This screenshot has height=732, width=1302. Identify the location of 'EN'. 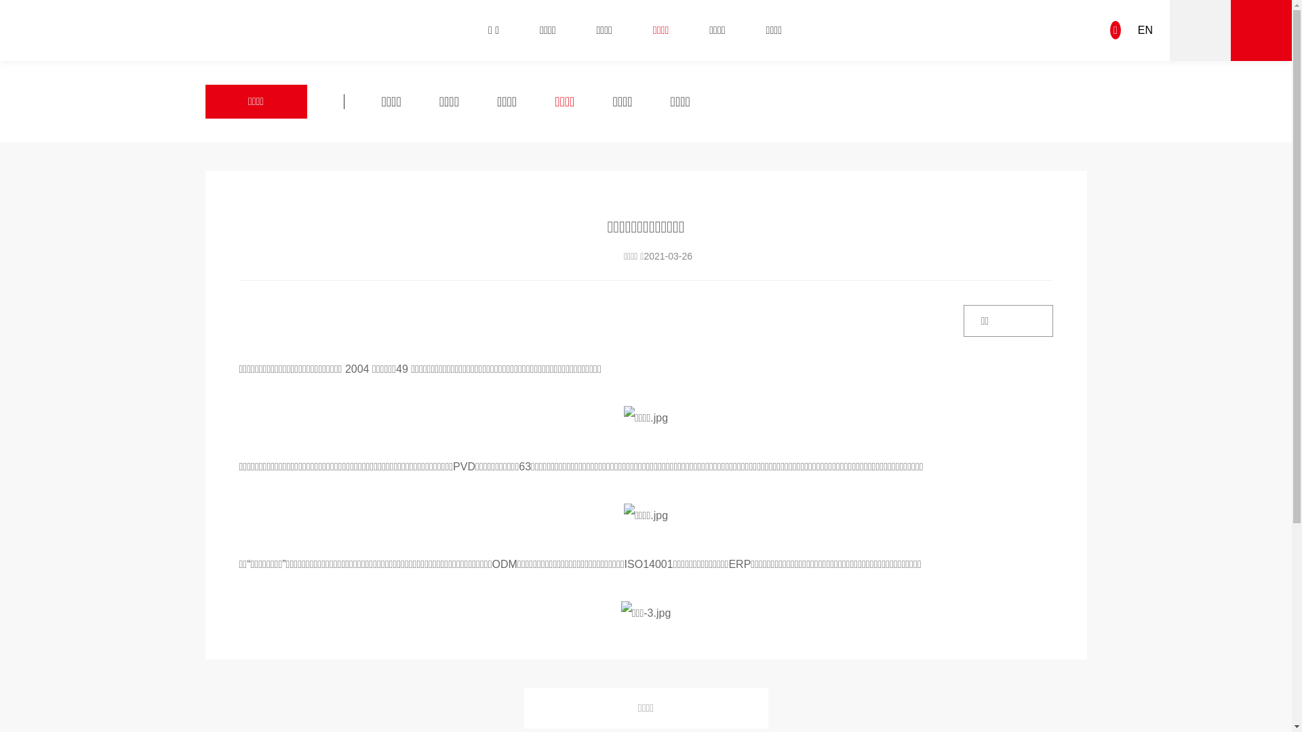
(1145, 30).